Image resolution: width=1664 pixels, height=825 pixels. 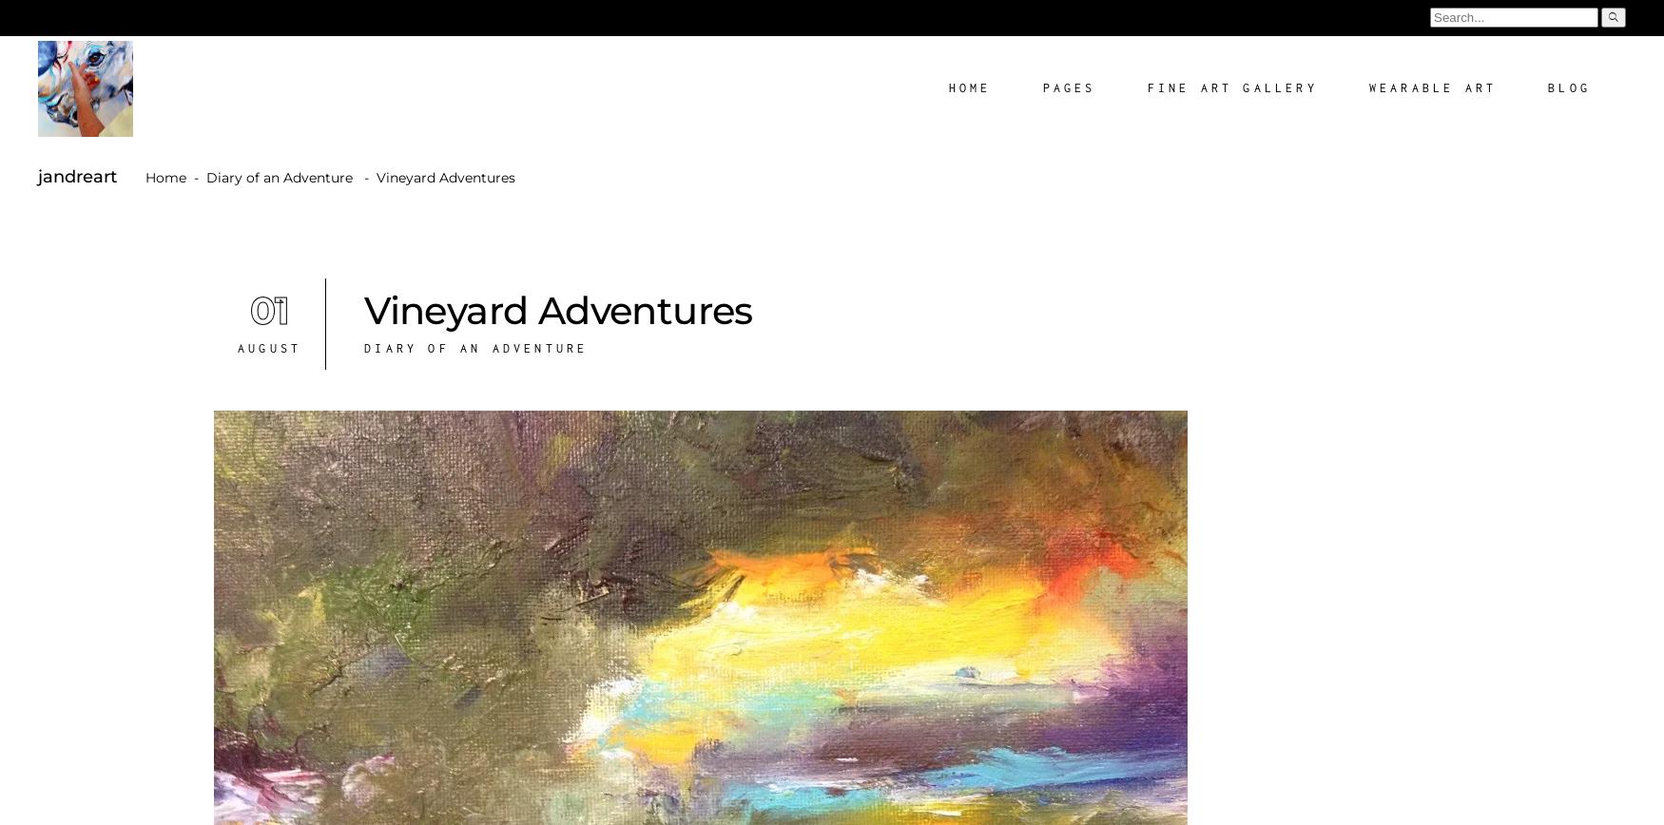 I want to click on 'jandreart', so click(x=77, y=177).